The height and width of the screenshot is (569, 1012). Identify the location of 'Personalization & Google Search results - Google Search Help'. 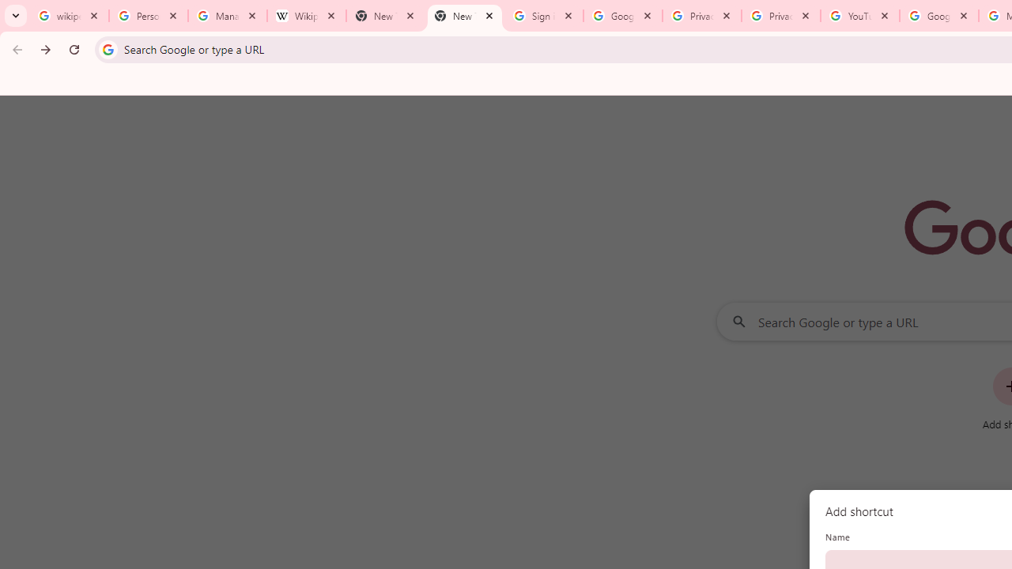
(149, 16).